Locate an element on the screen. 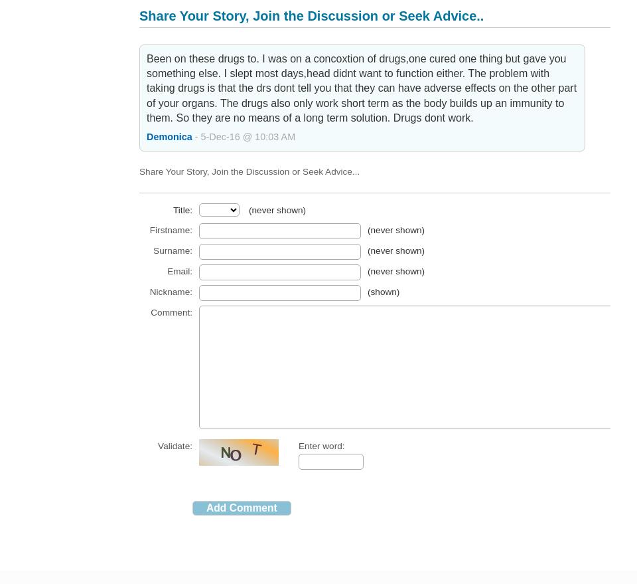  'Validate:' is located at coordinates (175, 444).